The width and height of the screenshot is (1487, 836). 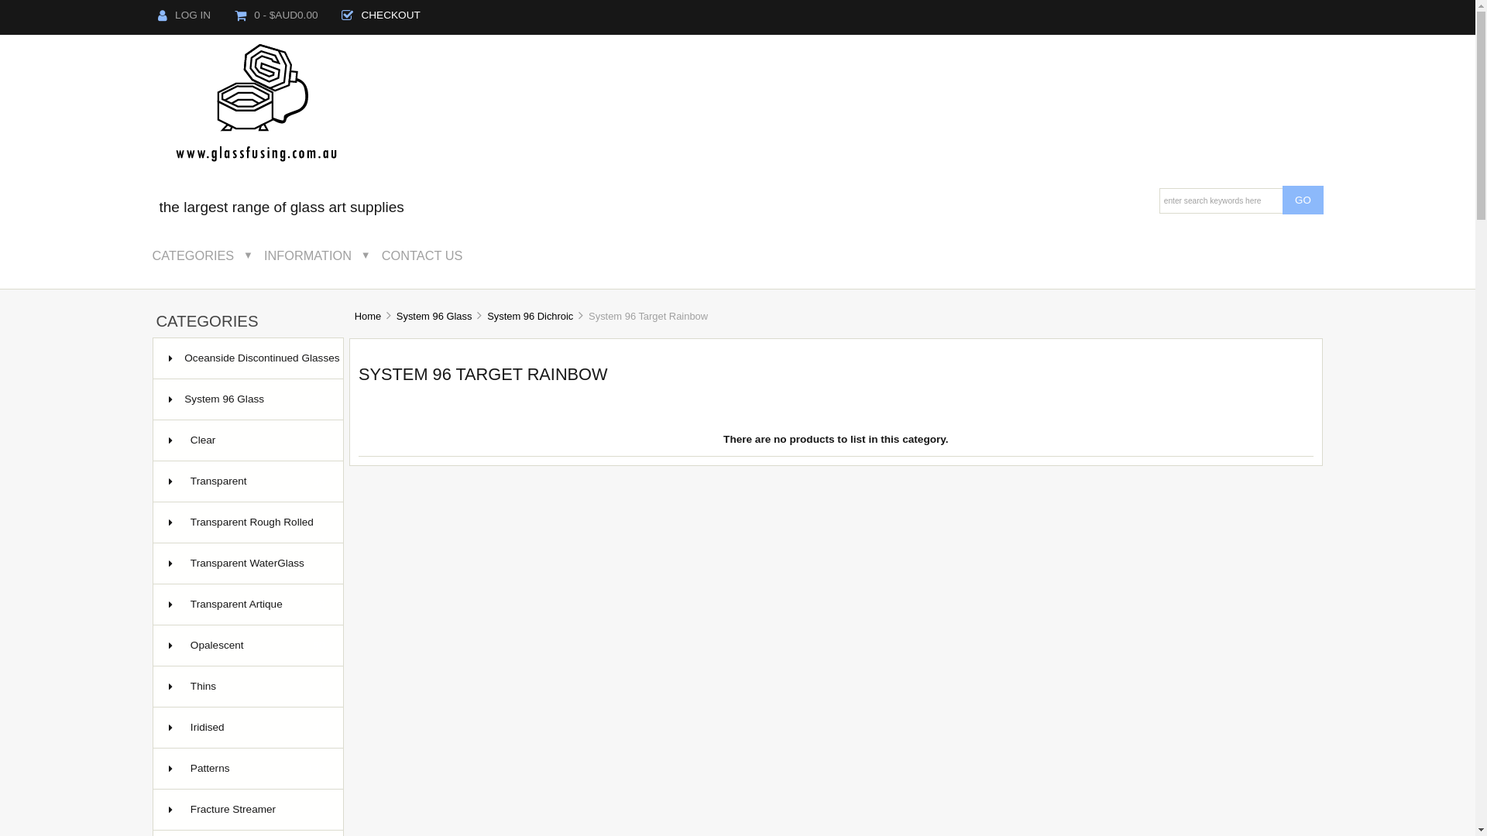 What do you see at coordinates (248, 564) in the screenshot?
I see `'  Transparent WaterGlass` at bounding box center [248, 564].